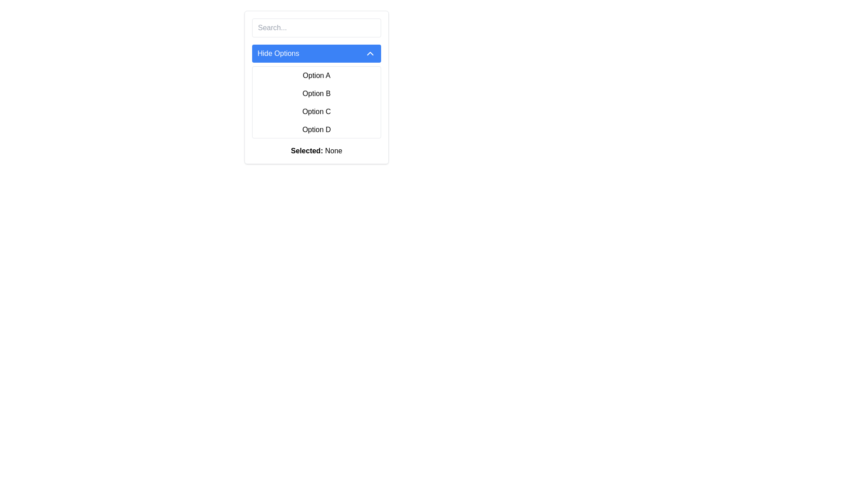 This screenshot has width=866, height=487. I want to click on the chevron-up icon located at the far-right of the blue button labeled 'Hide Options', so click(370, 54).